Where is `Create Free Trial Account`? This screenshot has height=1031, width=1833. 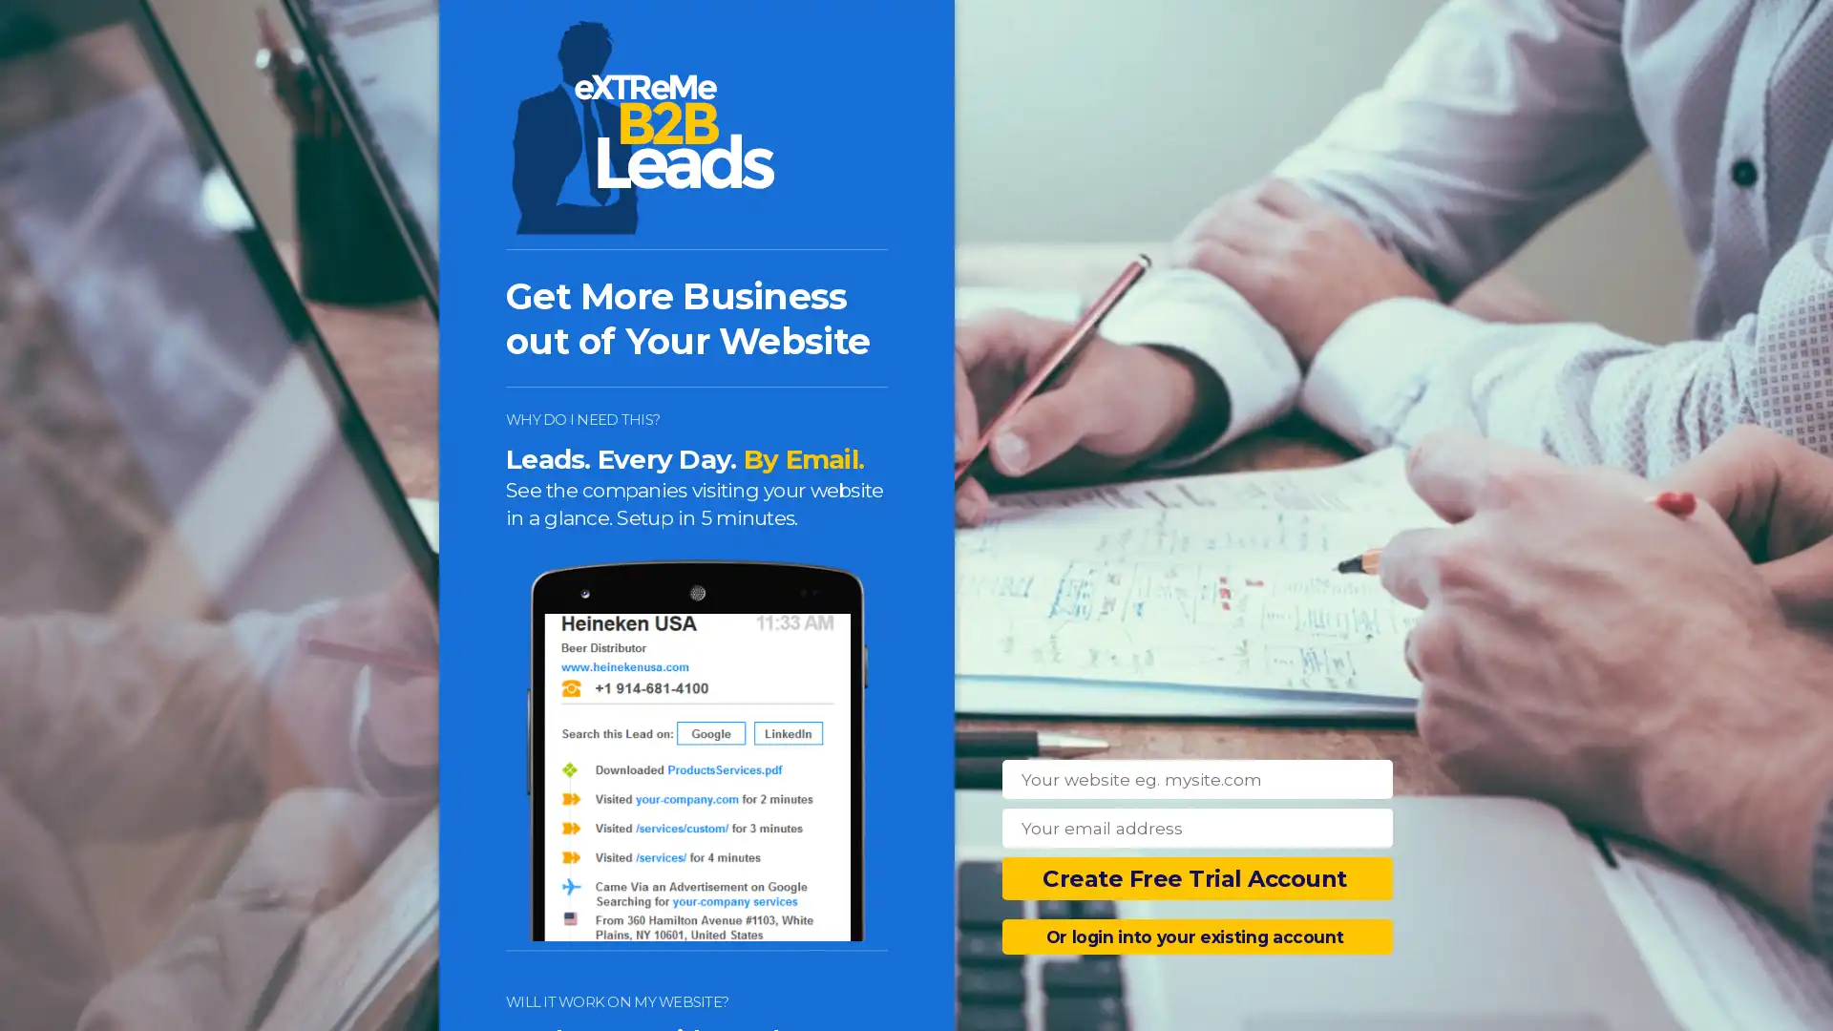
Create Free Trial Account is located at coordinates (1196, 878).